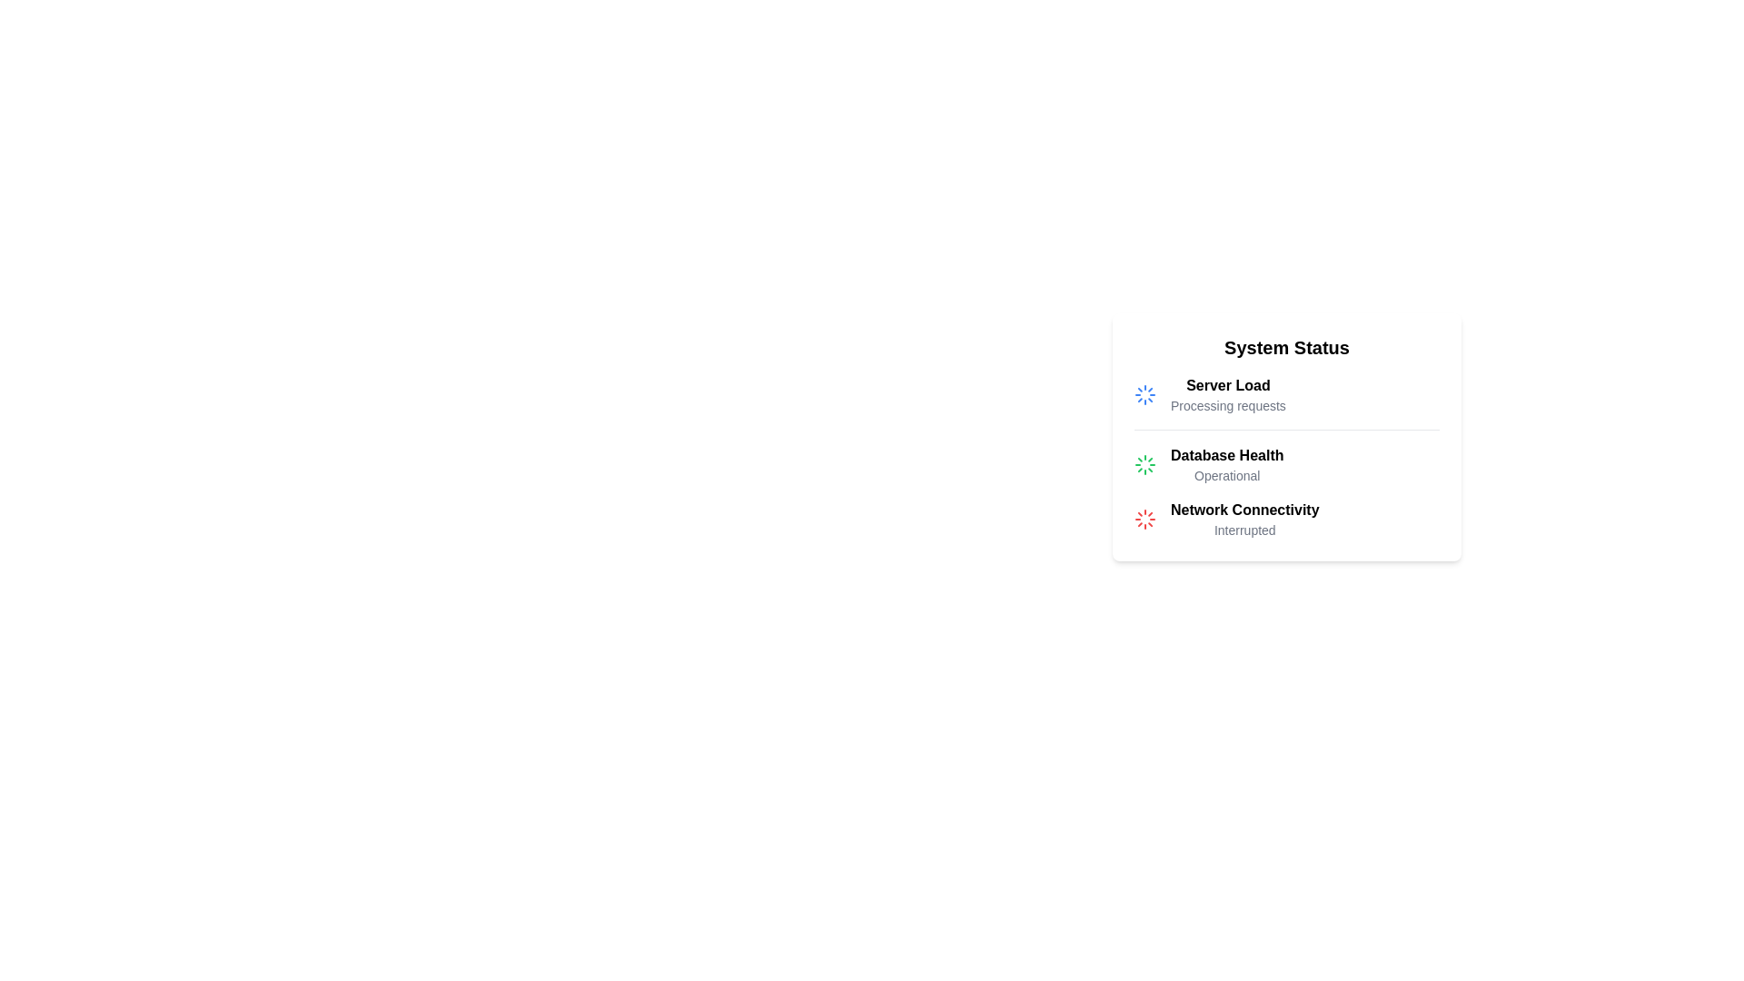  I want to click on the Text label that serves as a heading for the status grouping related to database health, located in the right-hand section of the interface within the 'System Status' panel, positioned below 'Server Load' and above 'Network Connectivity', so click(1227, 454).